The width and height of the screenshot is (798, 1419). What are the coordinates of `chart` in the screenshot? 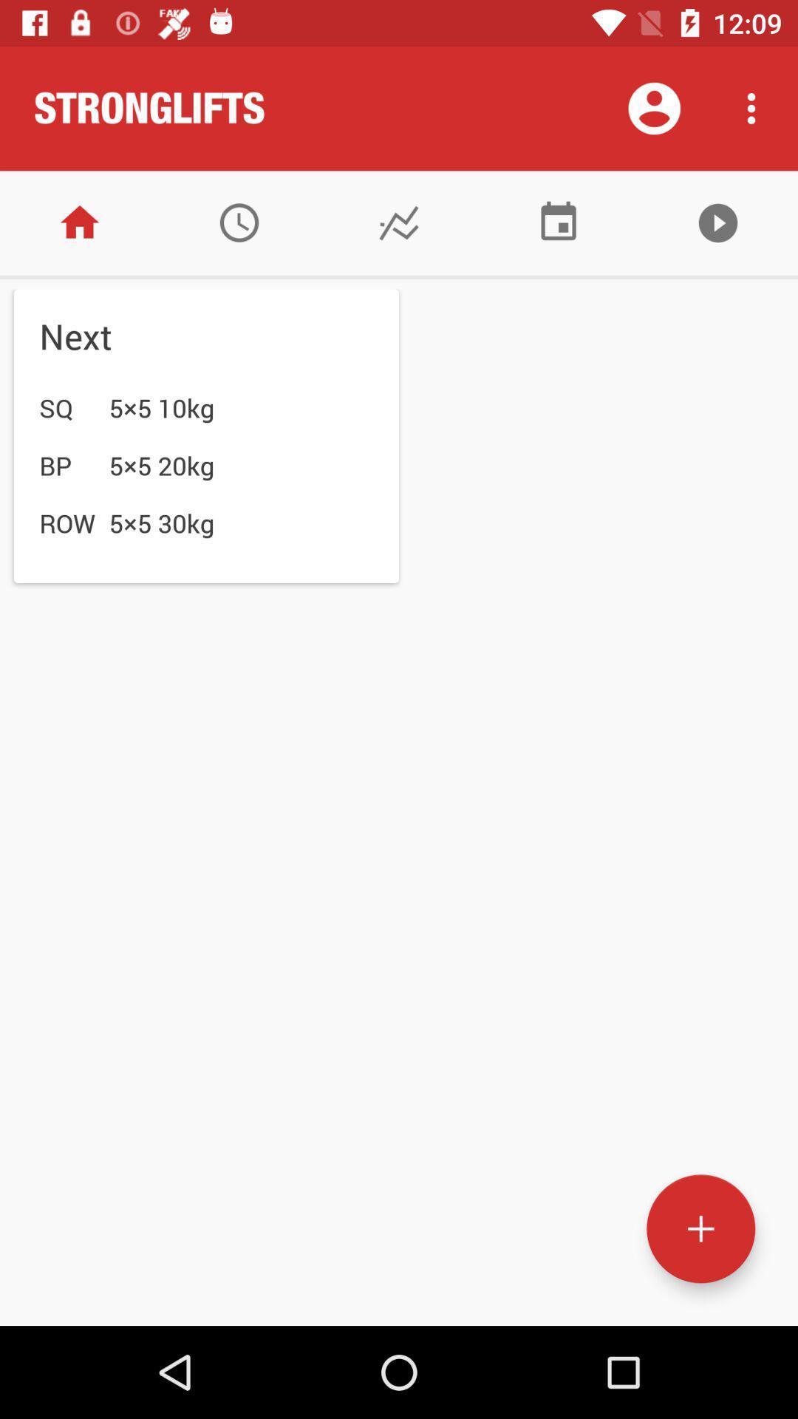 It's located at (399, 222).